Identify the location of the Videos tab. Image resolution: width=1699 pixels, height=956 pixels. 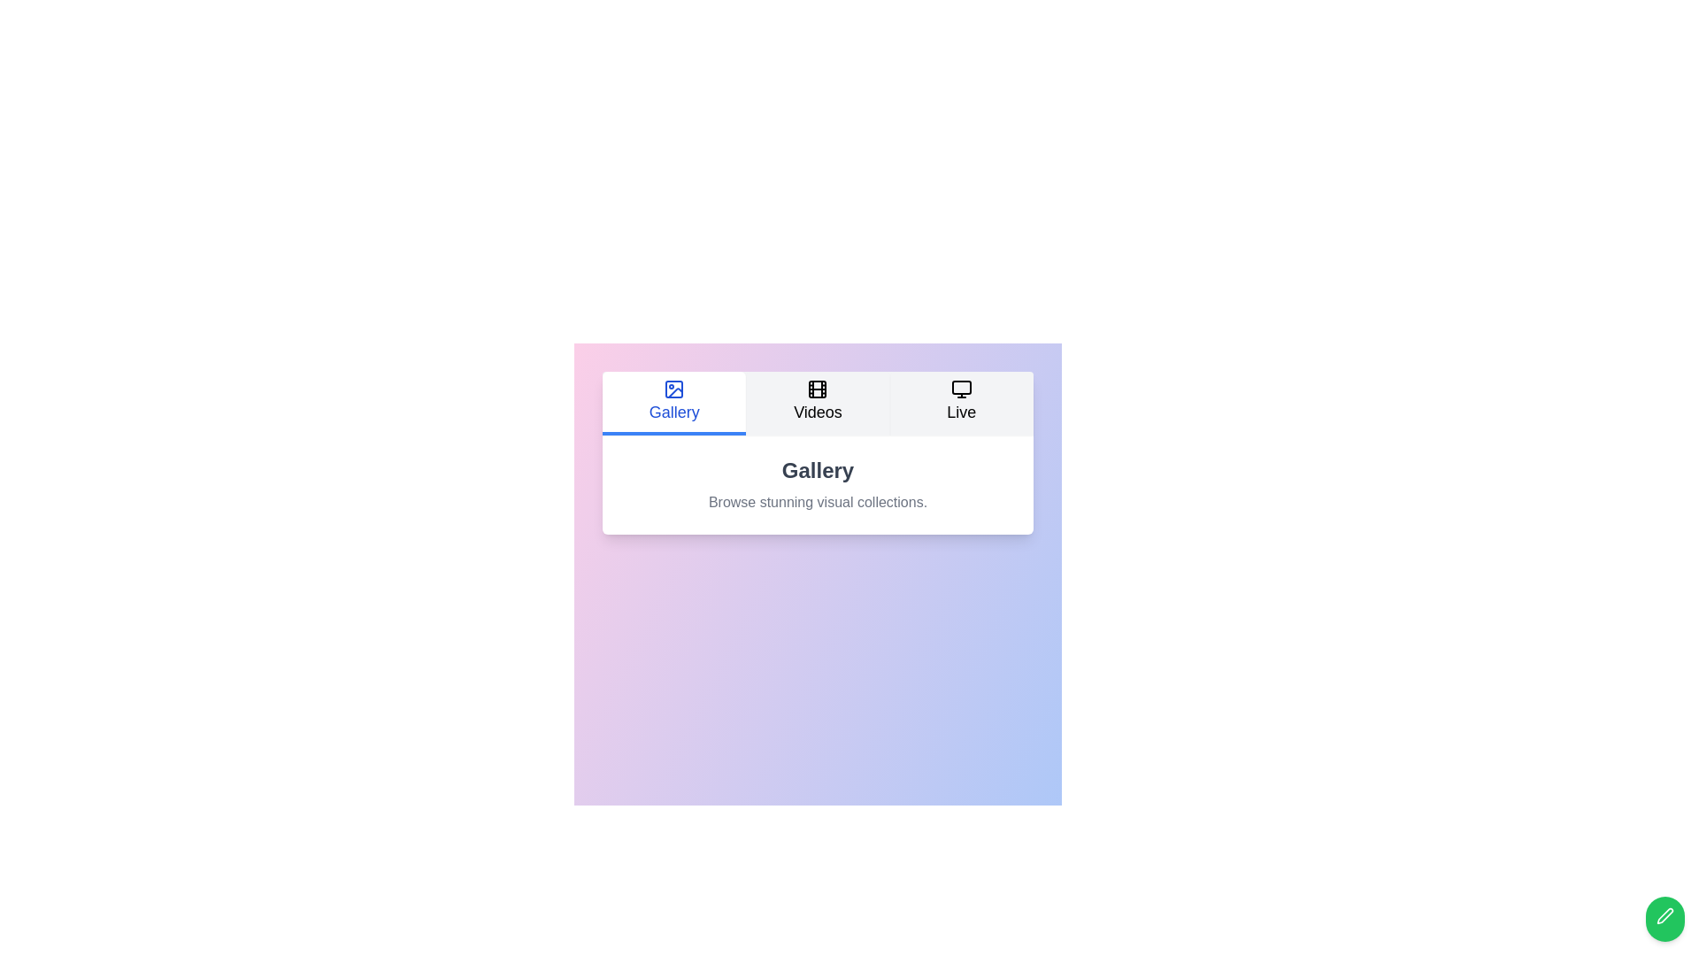
(817, 403).